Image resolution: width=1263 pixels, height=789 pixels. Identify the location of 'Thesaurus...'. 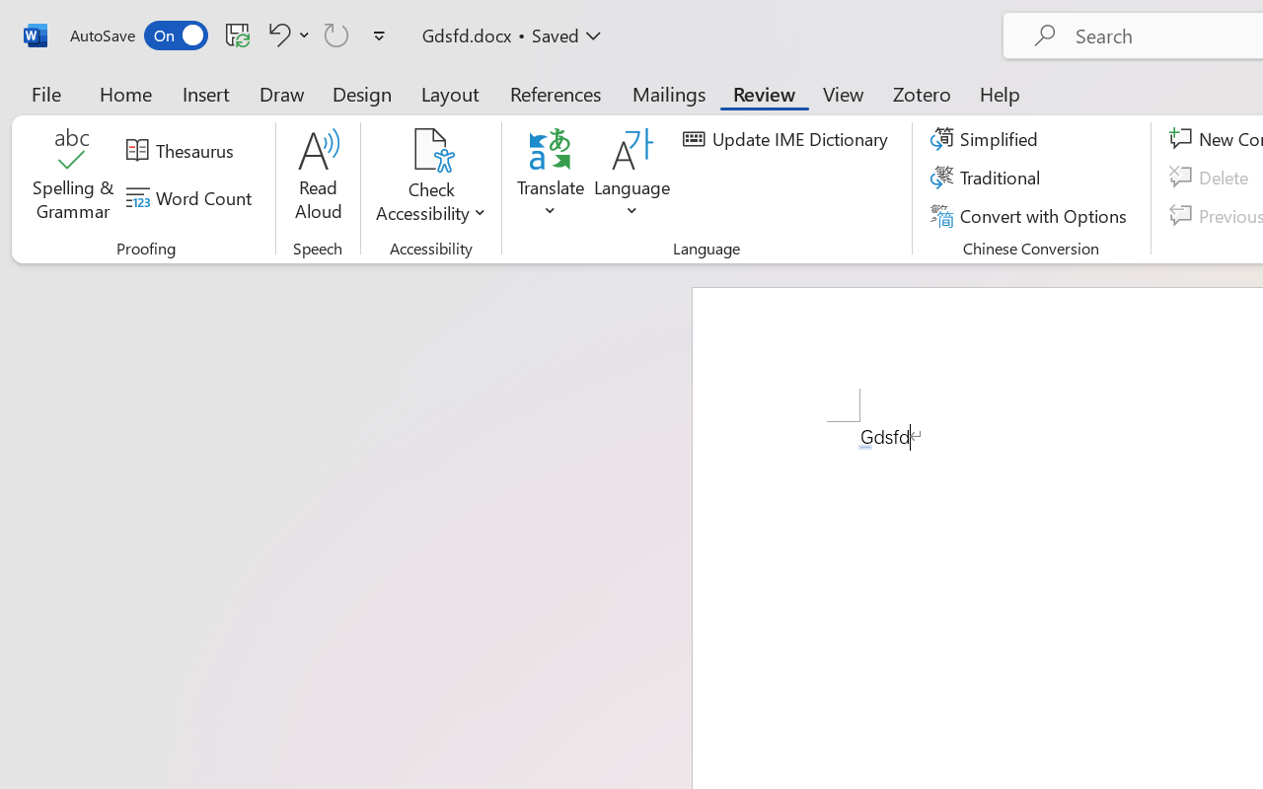
(183, 151).